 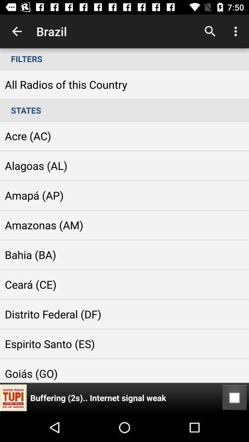 What do you see at coordinates (17, 31) in the screenshot?
I see `the app next to the brazil item` at bounding box center [17, 31].